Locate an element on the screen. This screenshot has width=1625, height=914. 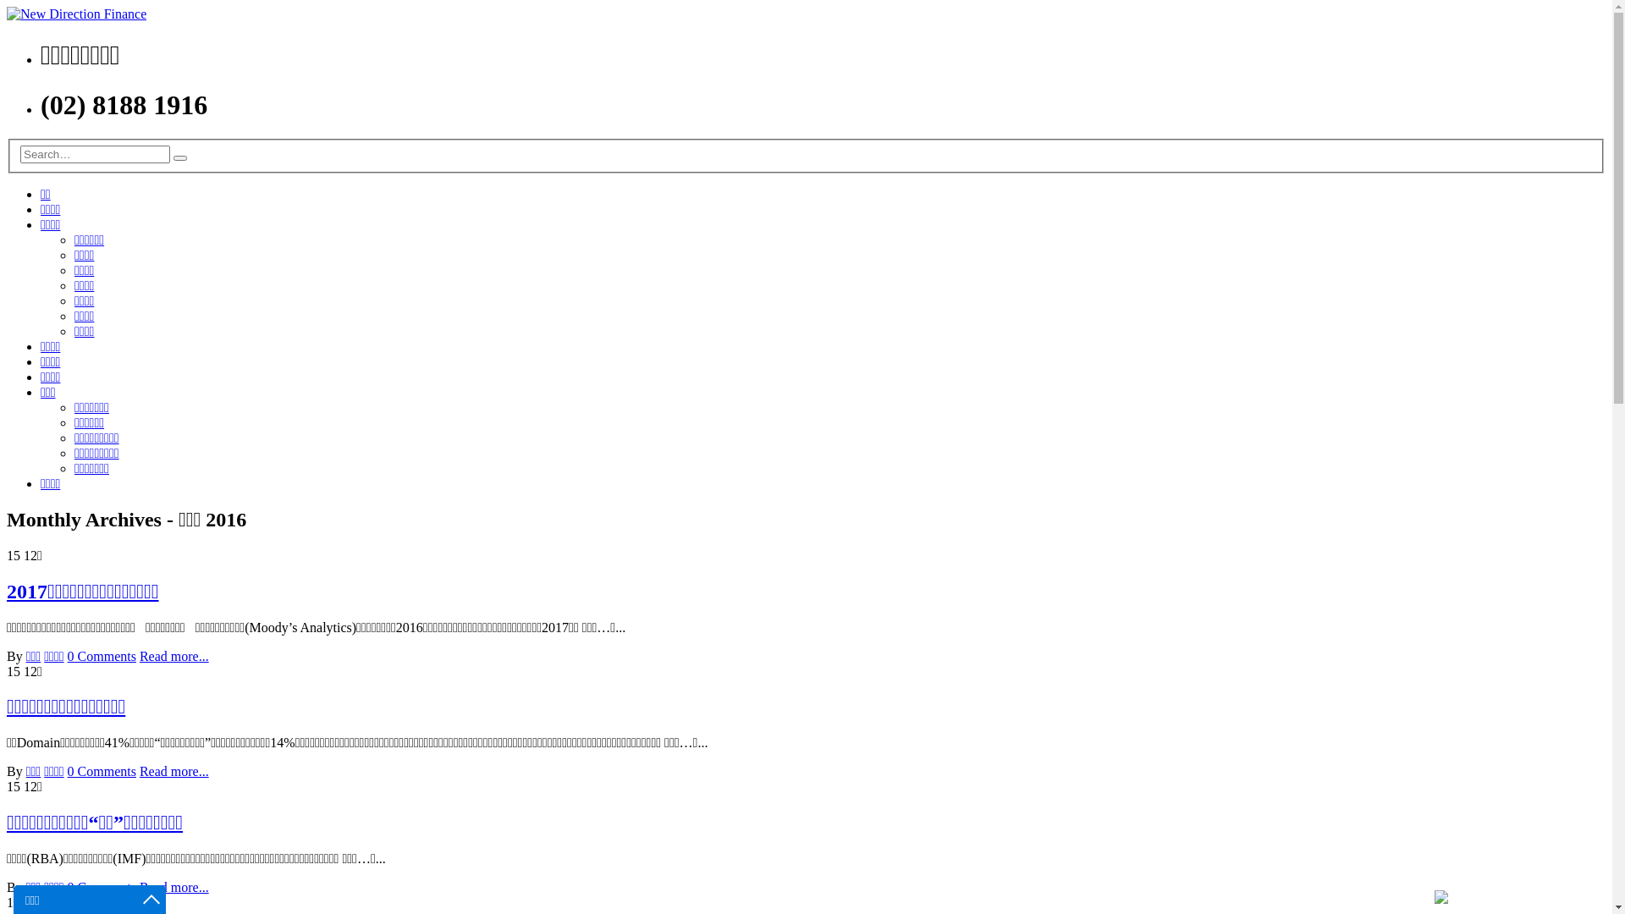
'0 Comments' is located at coordinates (101, 655).